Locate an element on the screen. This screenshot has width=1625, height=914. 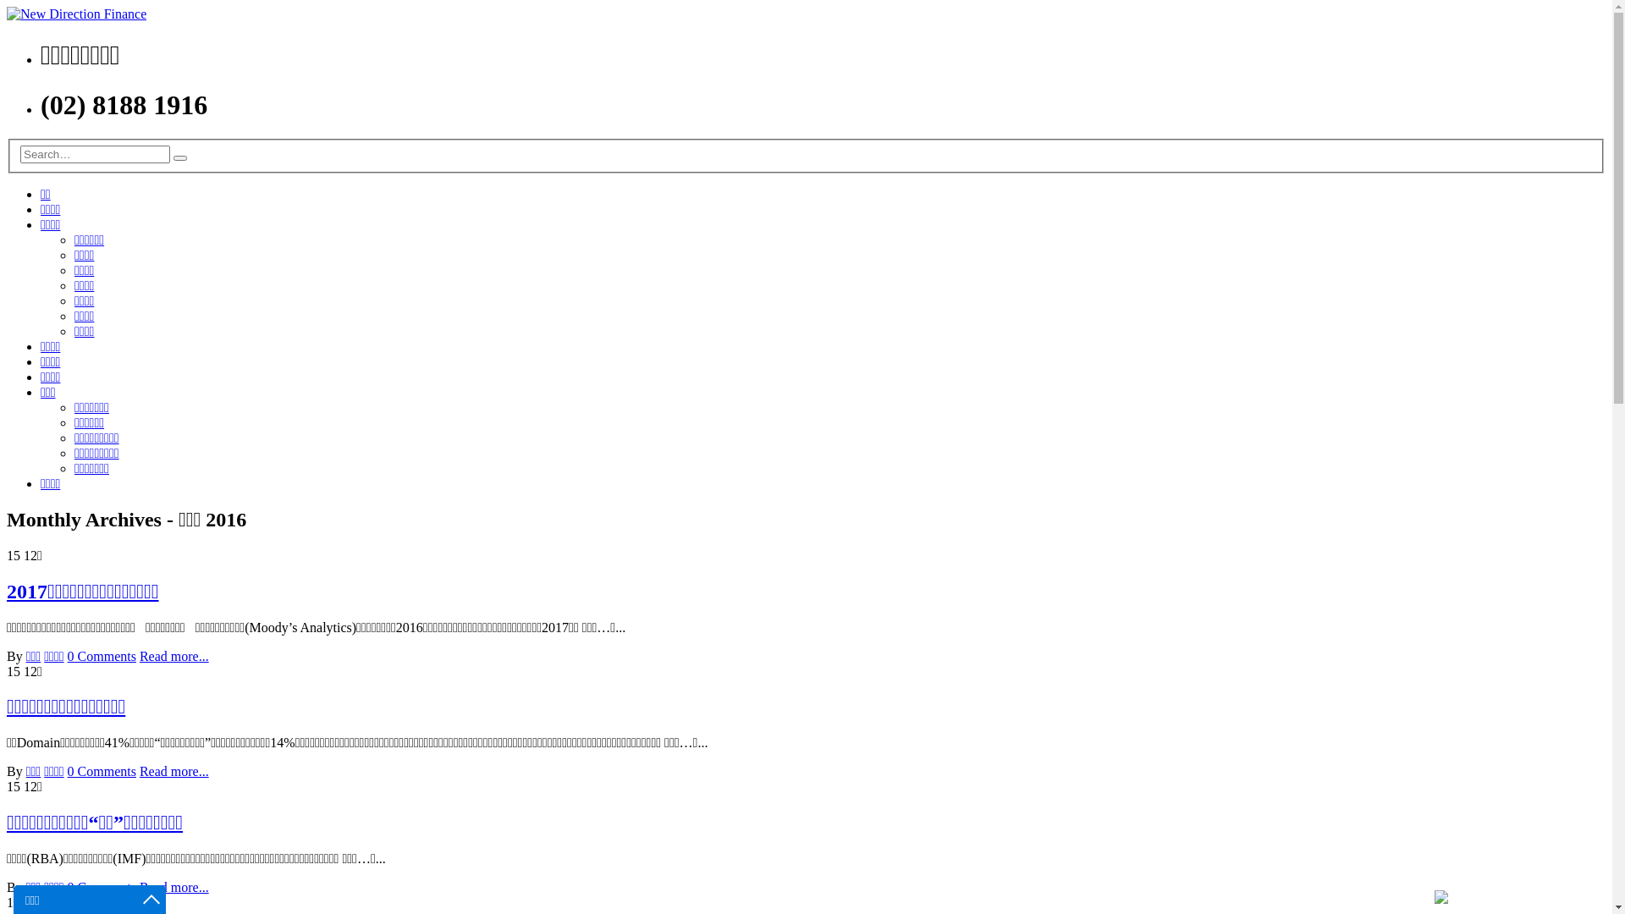
'0 Comments' is located at coordinates (101, 655).